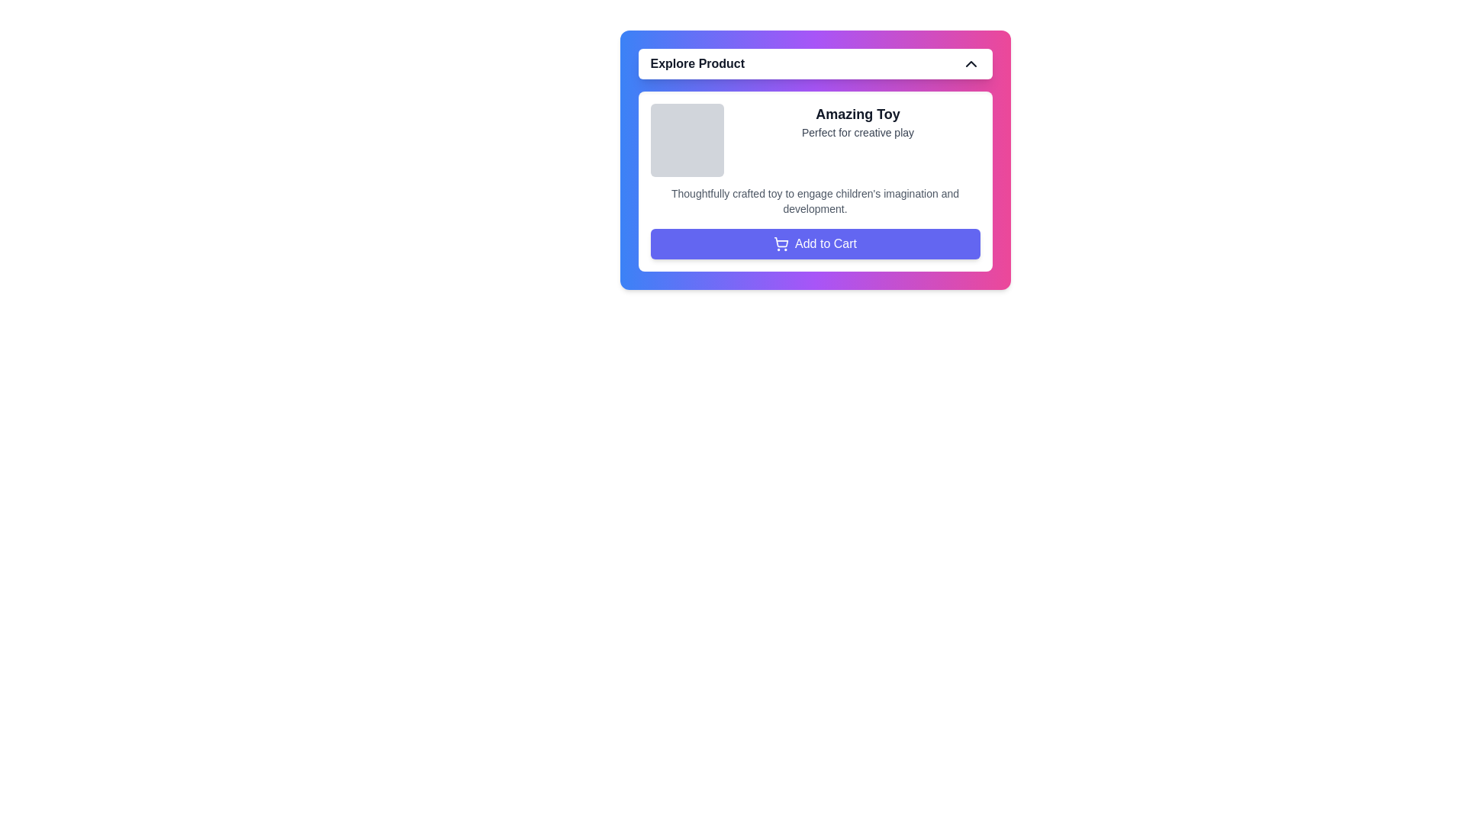 The width and height of the screenshot is (1465, 824). What do you see at coordinates (686, 140) in the screenshot?
I see `the image placeholder located on the left side of the group, adjacent to the title 'Amazing Toy' and the subtitle 'Perfect for creative play'` at bounding box center [686, 140].